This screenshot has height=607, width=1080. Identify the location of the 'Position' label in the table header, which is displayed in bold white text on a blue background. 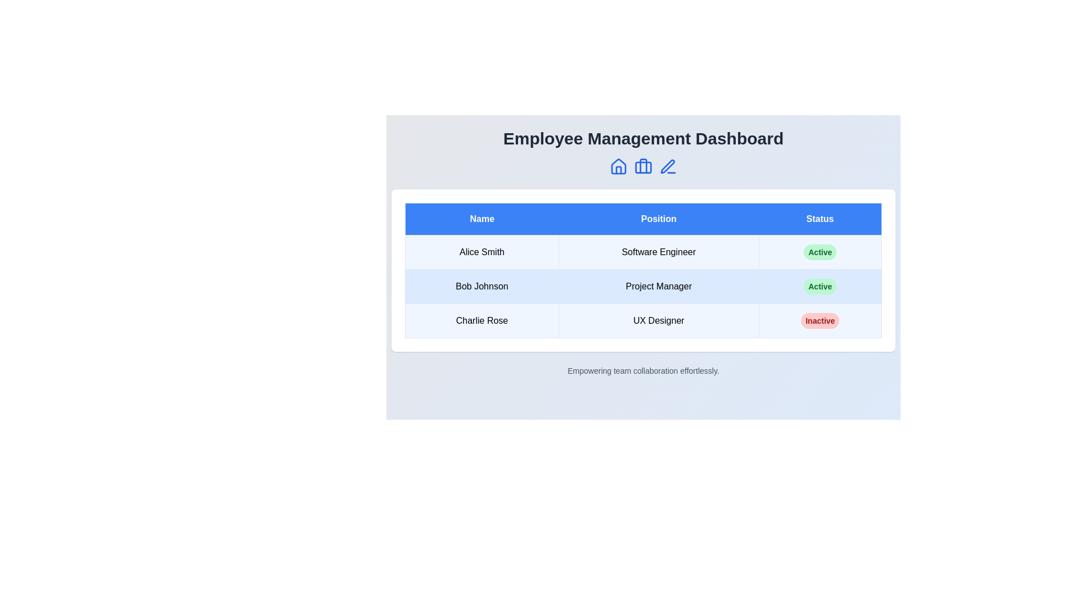
(659, 219).